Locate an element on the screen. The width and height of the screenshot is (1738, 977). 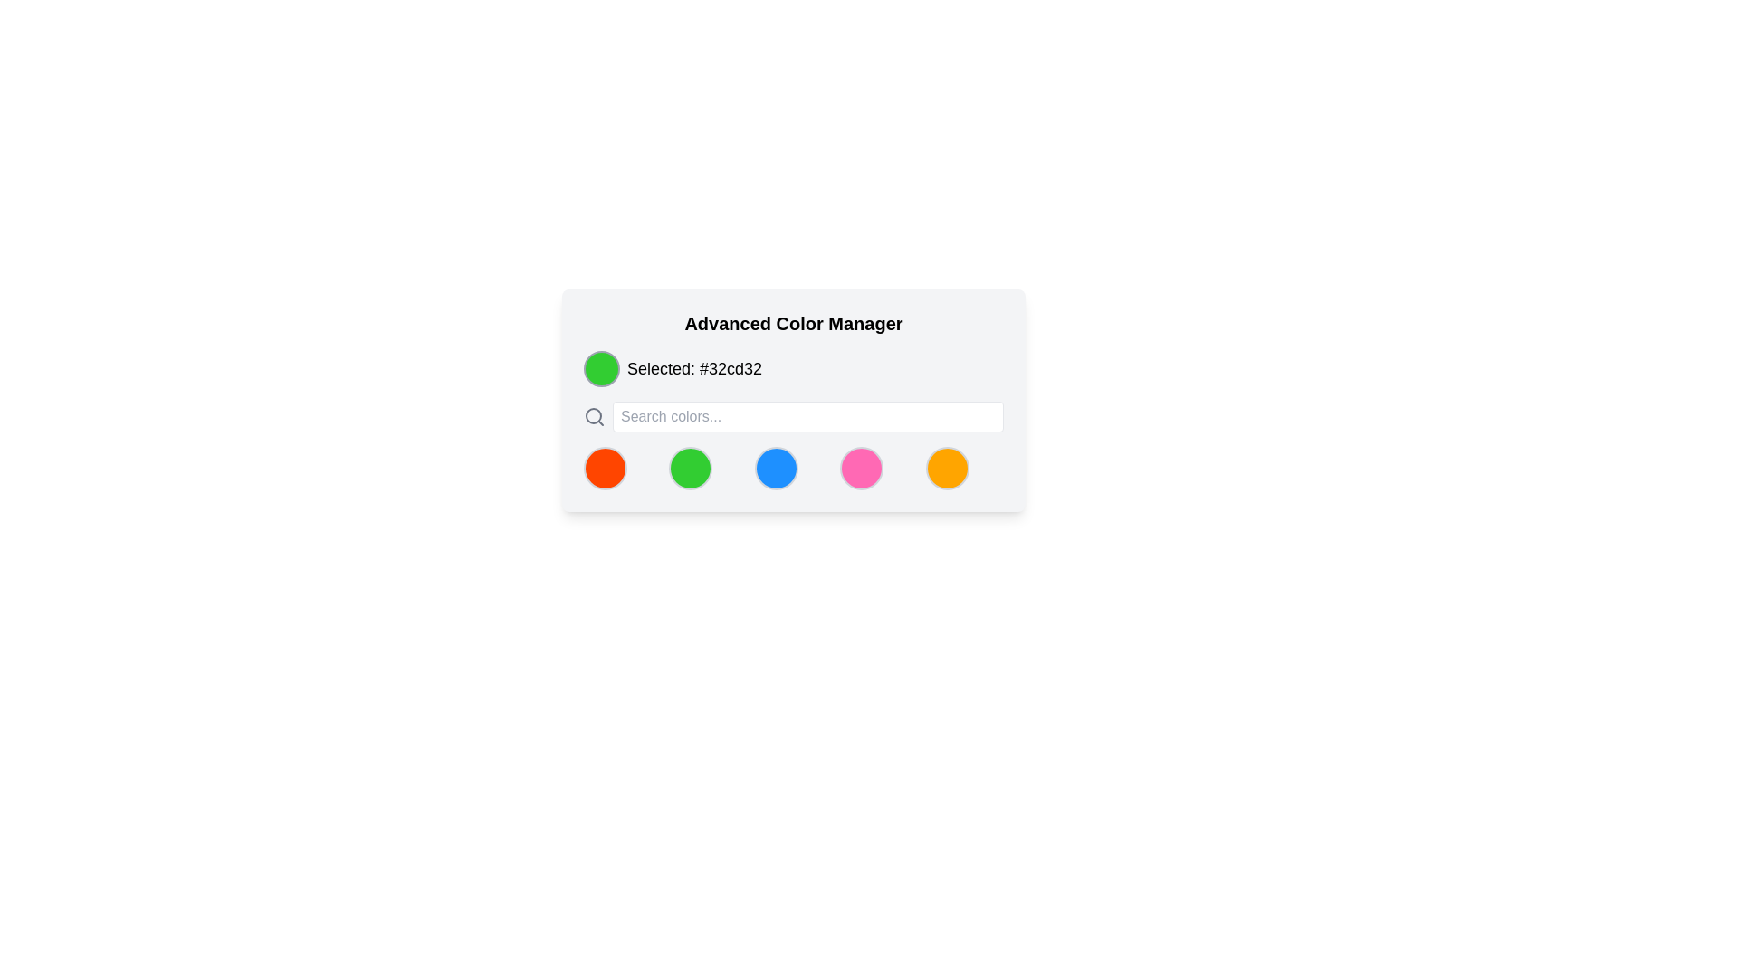
the inner circular component of the search icon, which visually represents the lens part of a magnifying glass, located to the left of the text input field is located at coordinates (594, 415).